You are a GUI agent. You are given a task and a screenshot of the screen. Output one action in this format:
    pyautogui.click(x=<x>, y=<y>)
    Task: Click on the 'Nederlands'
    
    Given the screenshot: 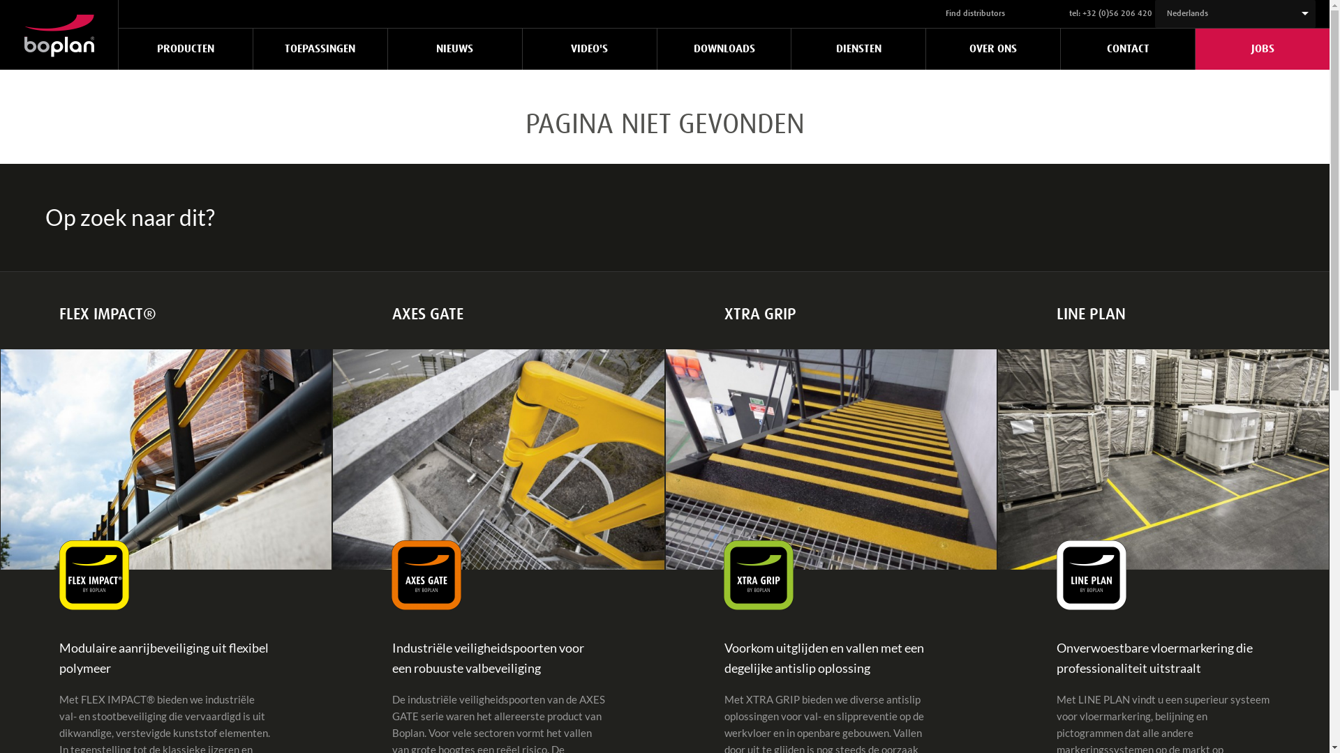 What is the action you would take?
    pyautogui.click(x=1241, y=13)
    